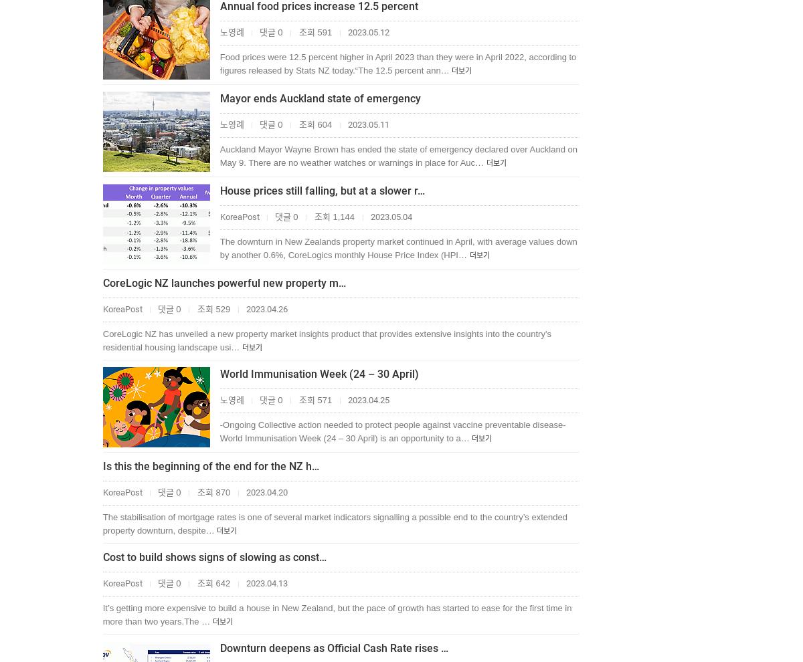 Image resolution: width=803 pixels, height=662 pixels. I want to click on '2023.05.11', so click(345, 124).